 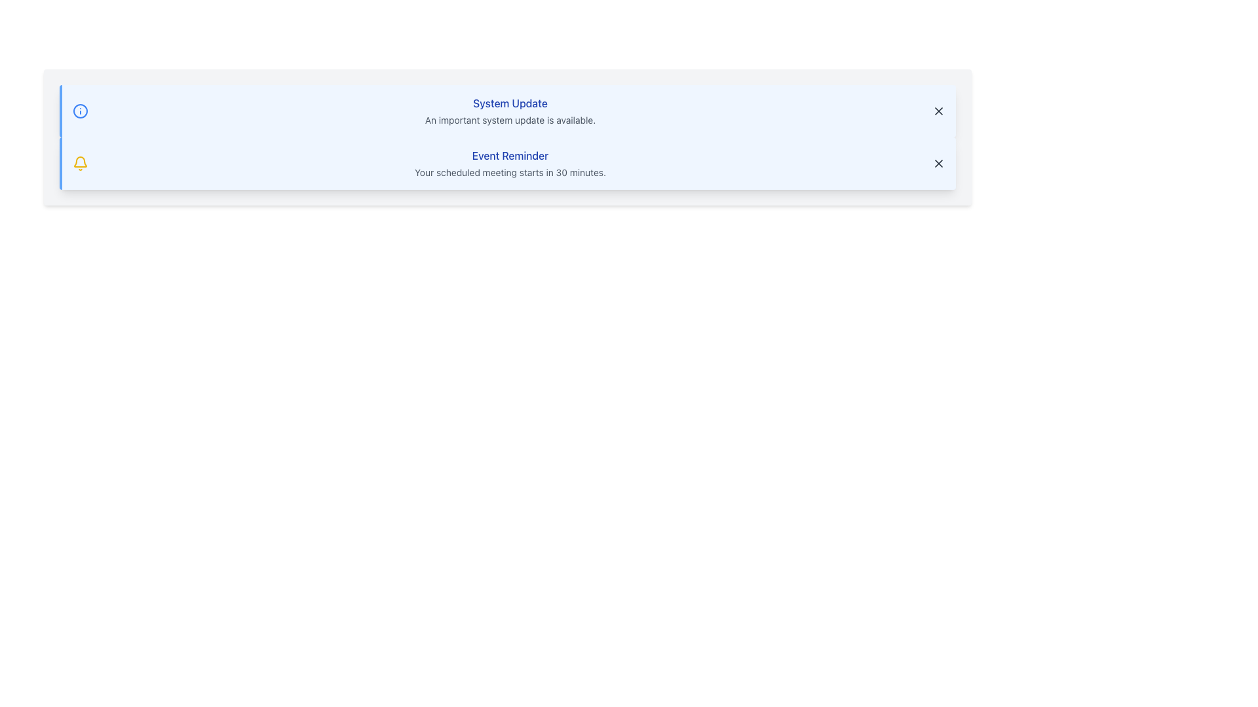 What do you see at coordinates (80, 110) in the screenshot?
I see `the central circular component of the SVG-based information icon in the upper-left portion of the blue notification area` at bounding box center [80, 110].